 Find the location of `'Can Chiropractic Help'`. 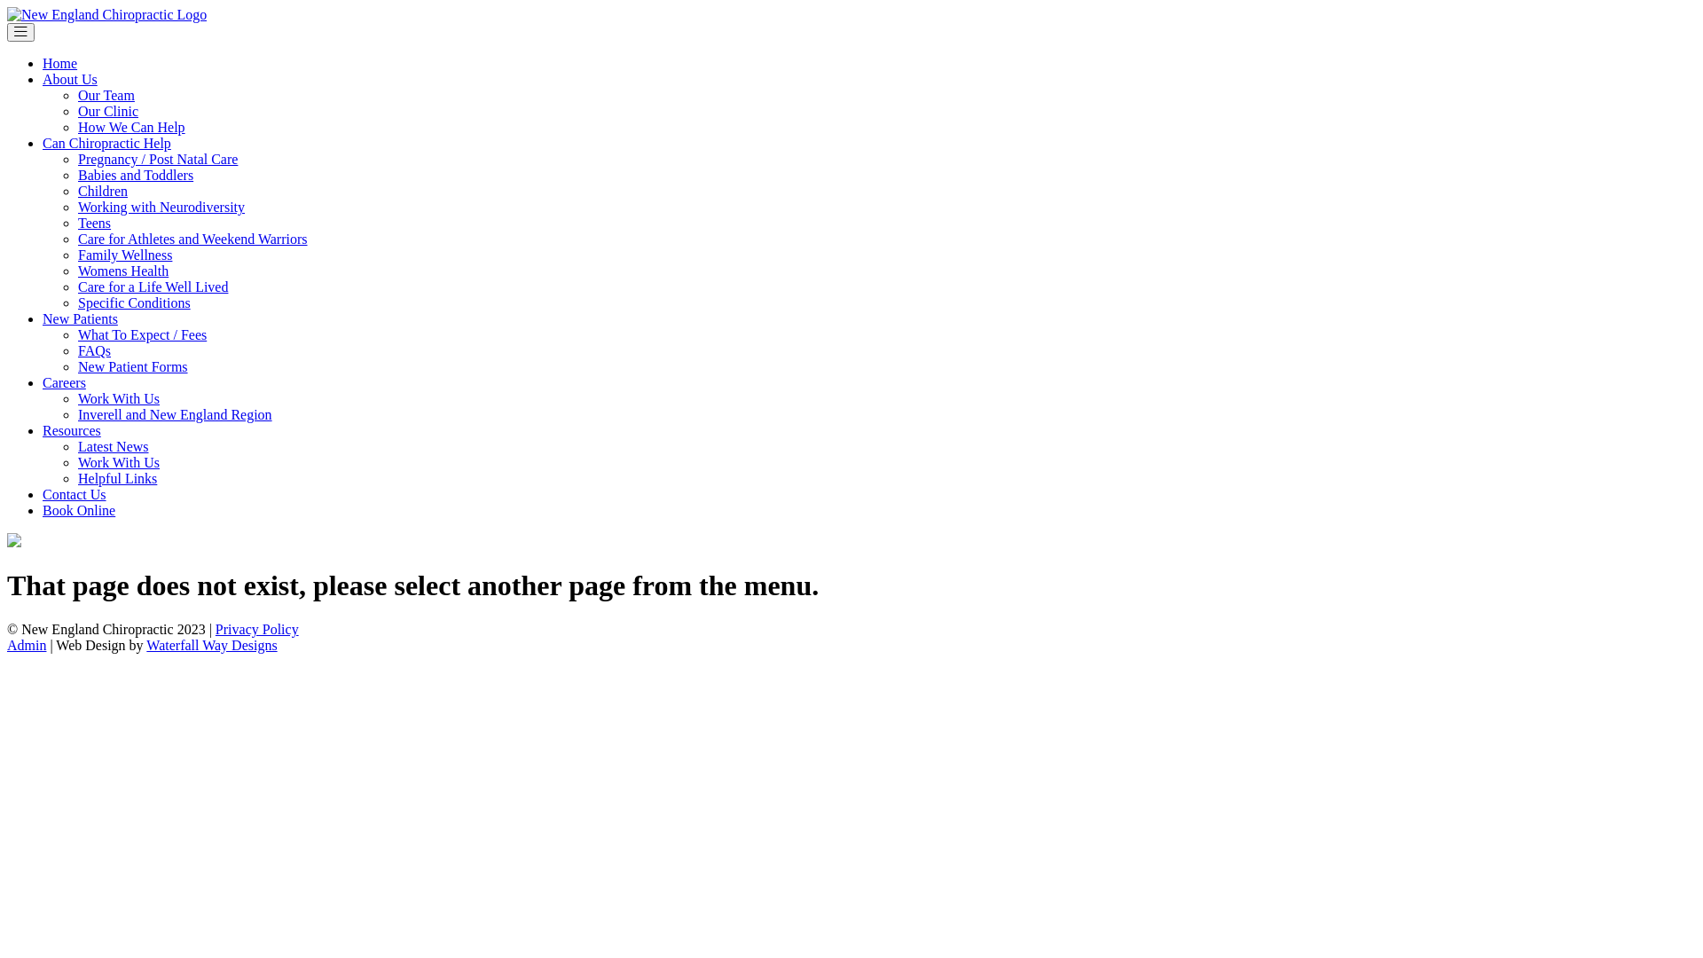

'Can Chiropractic Help' is located at coordinates (43, 142).